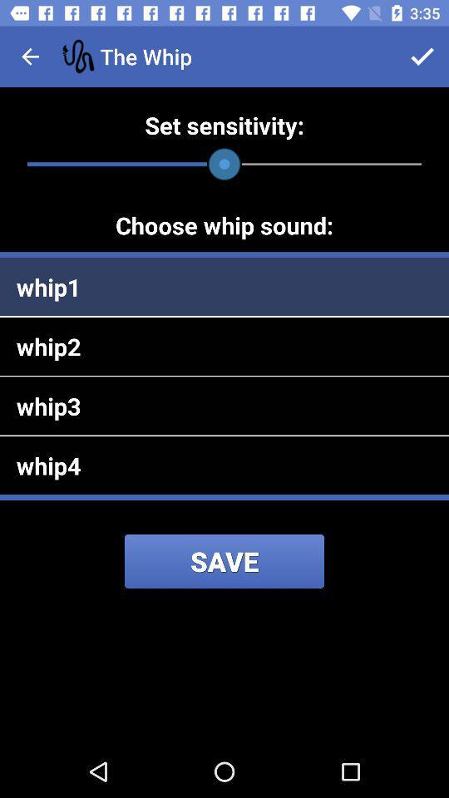 This screenshot has height=798, width=449. What do you see at coordinates (422, 57) in the screenshot?
I see `item above the set sensitivity: item` at bounding box center [422, 57].